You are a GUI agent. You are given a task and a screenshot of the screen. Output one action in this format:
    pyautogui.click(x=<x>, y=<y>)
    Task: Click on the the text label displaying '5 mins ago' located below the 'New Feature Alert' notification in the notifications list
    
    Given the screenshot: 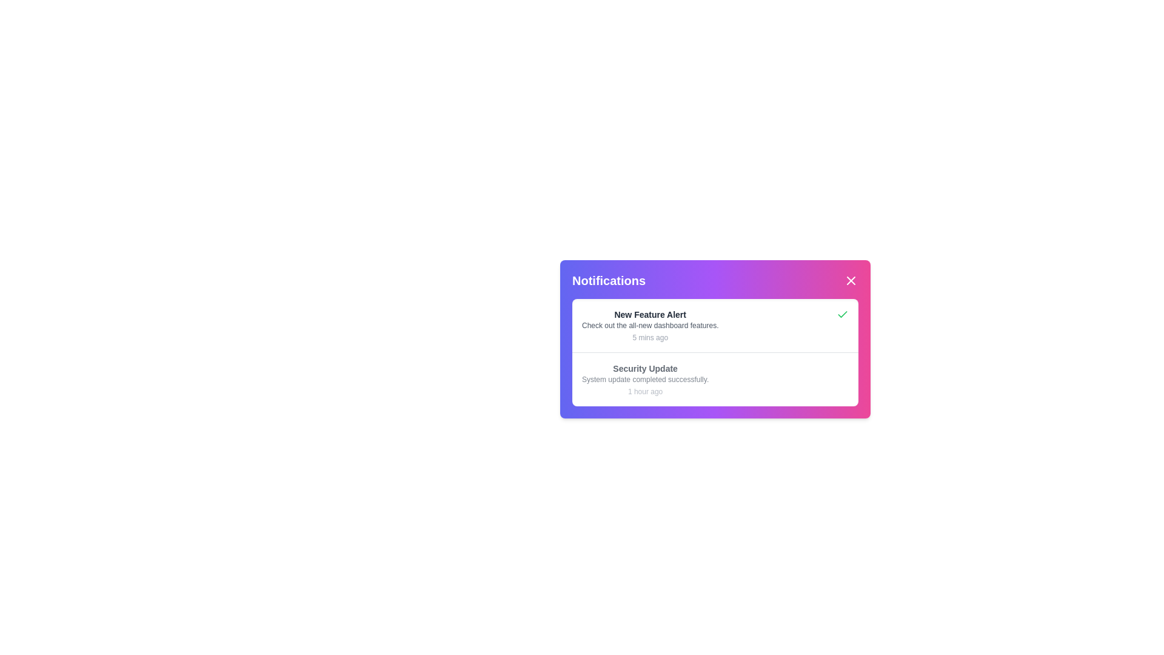 What is the action you would take?
    pyautogui.click(x=649, y=337)
    